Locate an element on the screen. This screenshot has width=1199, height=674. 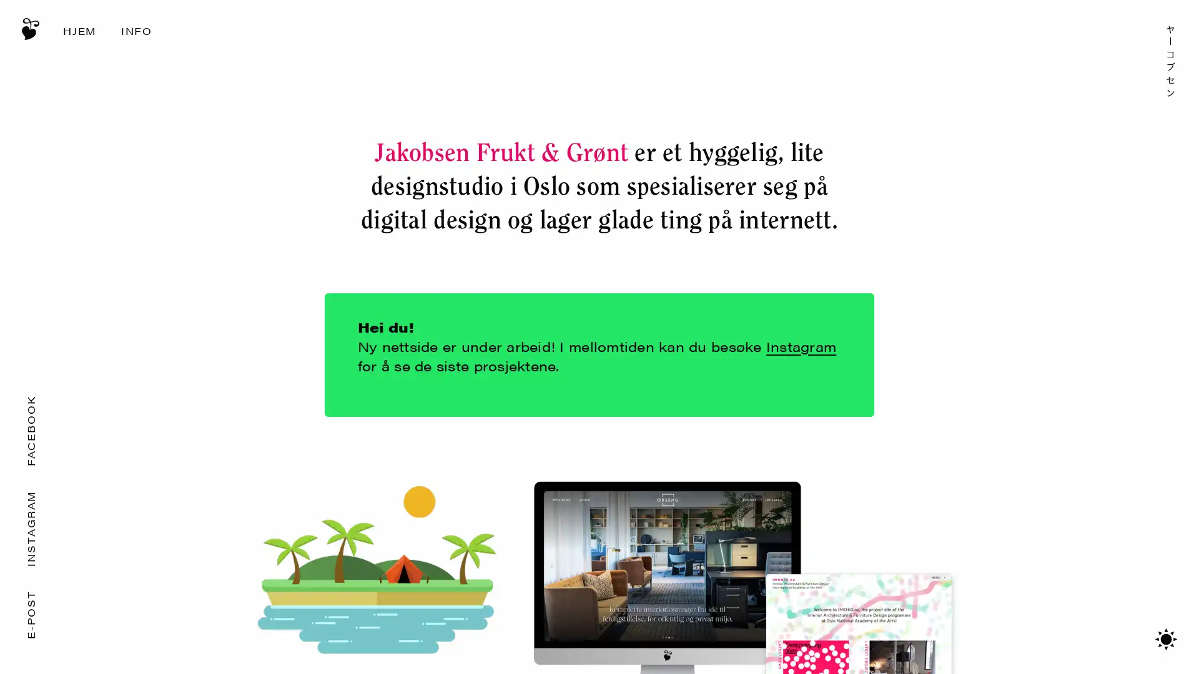
Bytt mellom mrkt/lyst tema is located at coordinates (1165, 640).